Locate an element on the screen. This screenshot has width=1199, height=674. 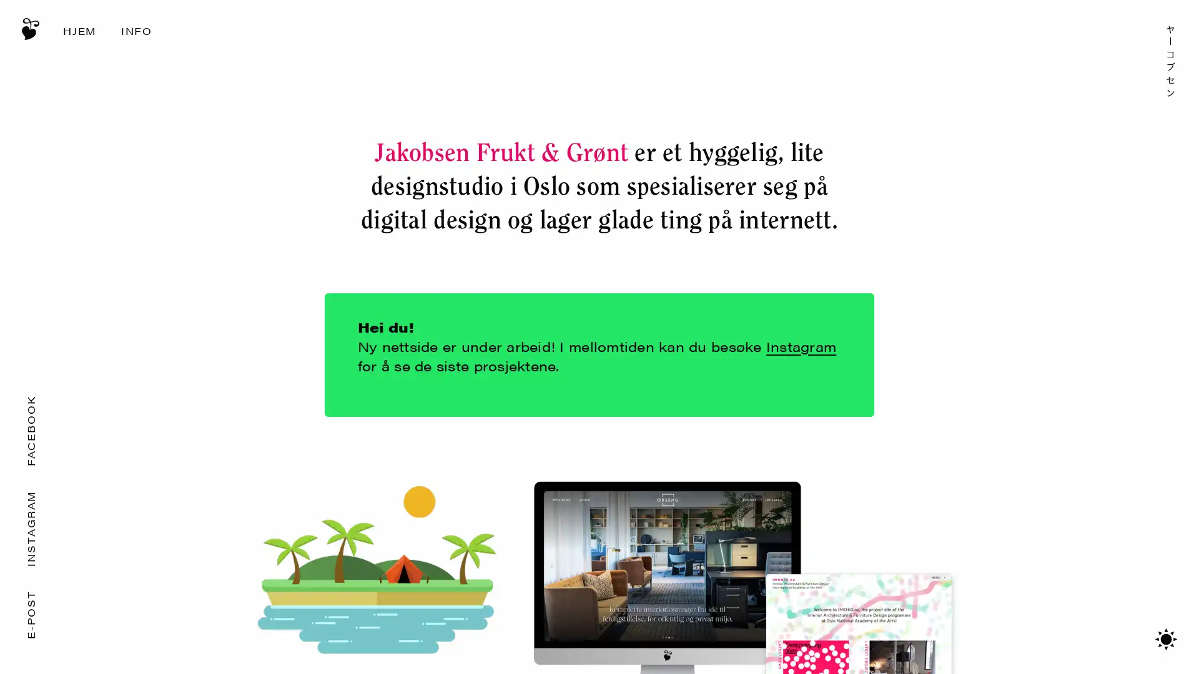
Bytt mellom mrkt/lyst tema is located at coordinates (1165, 640).